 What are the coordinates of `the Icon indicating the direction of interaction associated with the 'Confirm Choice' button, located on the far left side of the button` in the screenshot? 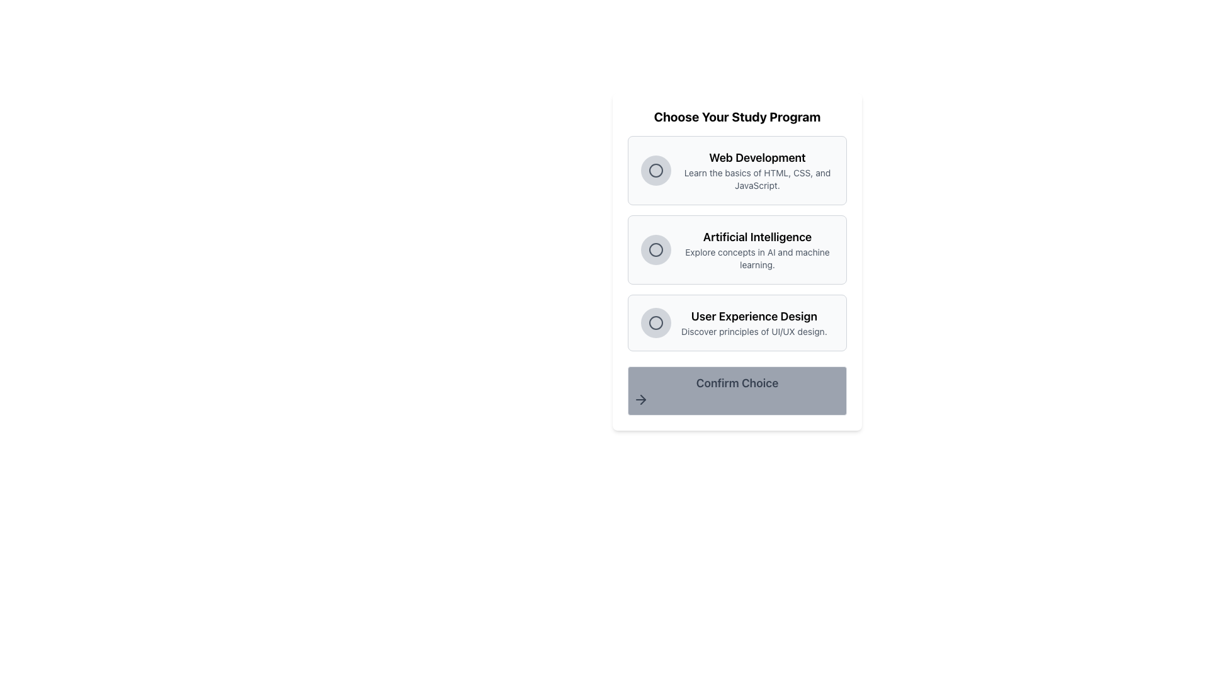 It's located at (640, 400).